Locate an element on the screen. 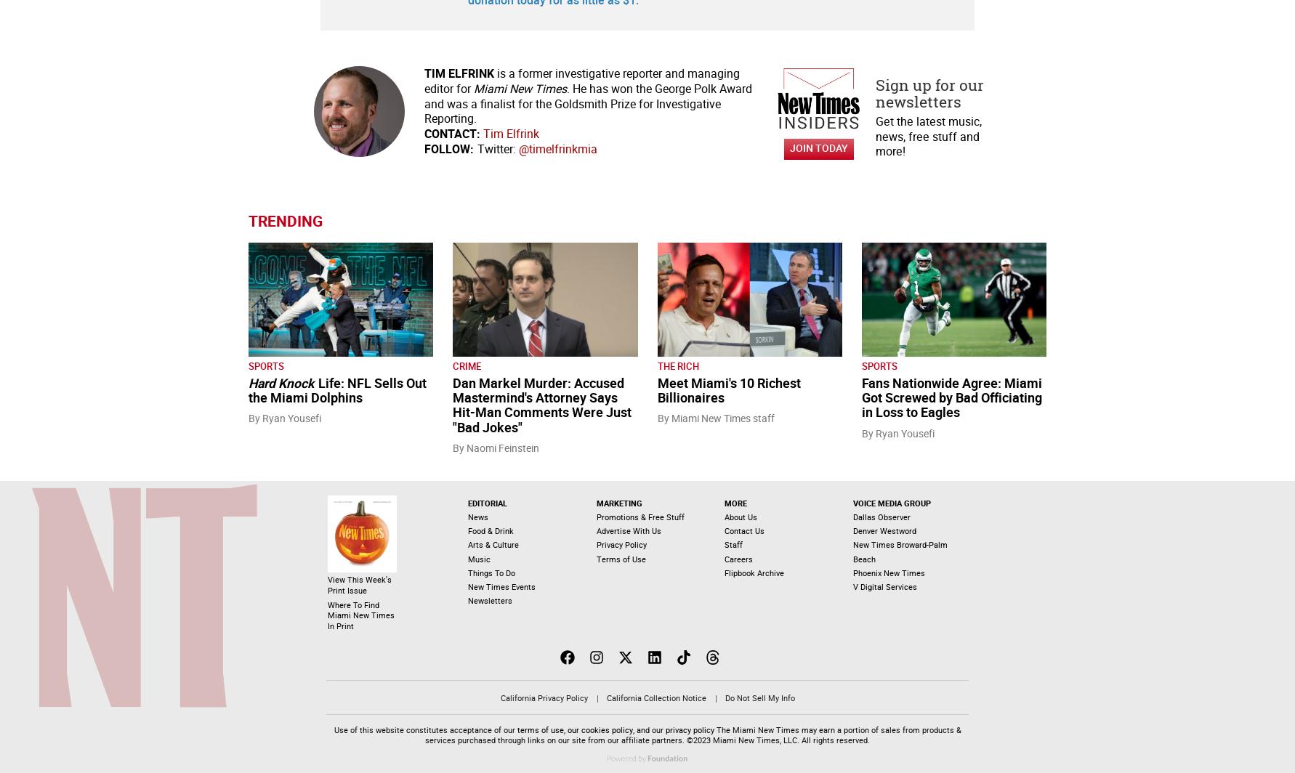  'Careers' is located at coordinates (724, 558).